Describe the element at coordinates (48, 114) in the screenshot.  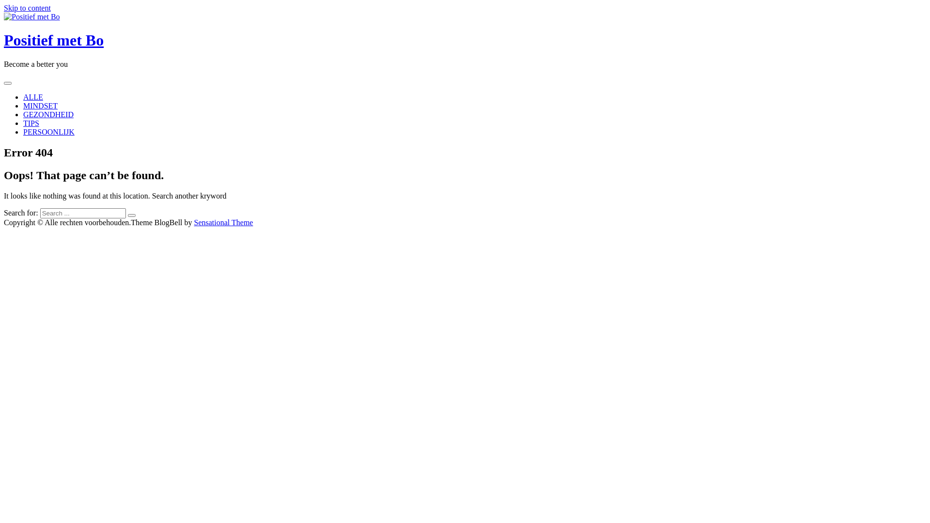
I see `'GEZONDHEID'` at that location.